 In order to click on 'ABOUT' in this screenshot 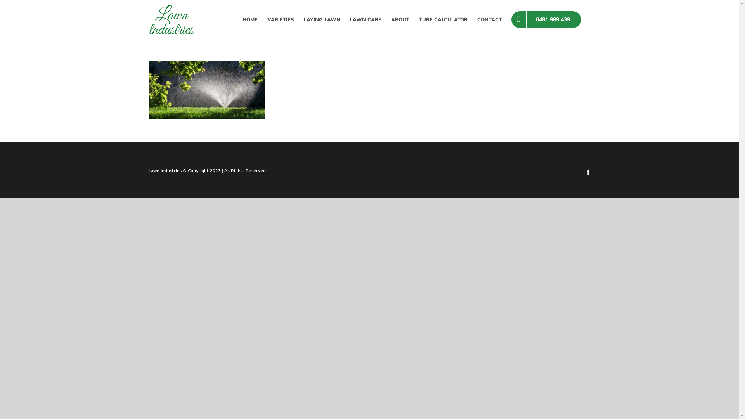, I will do `click(391, 19)`.